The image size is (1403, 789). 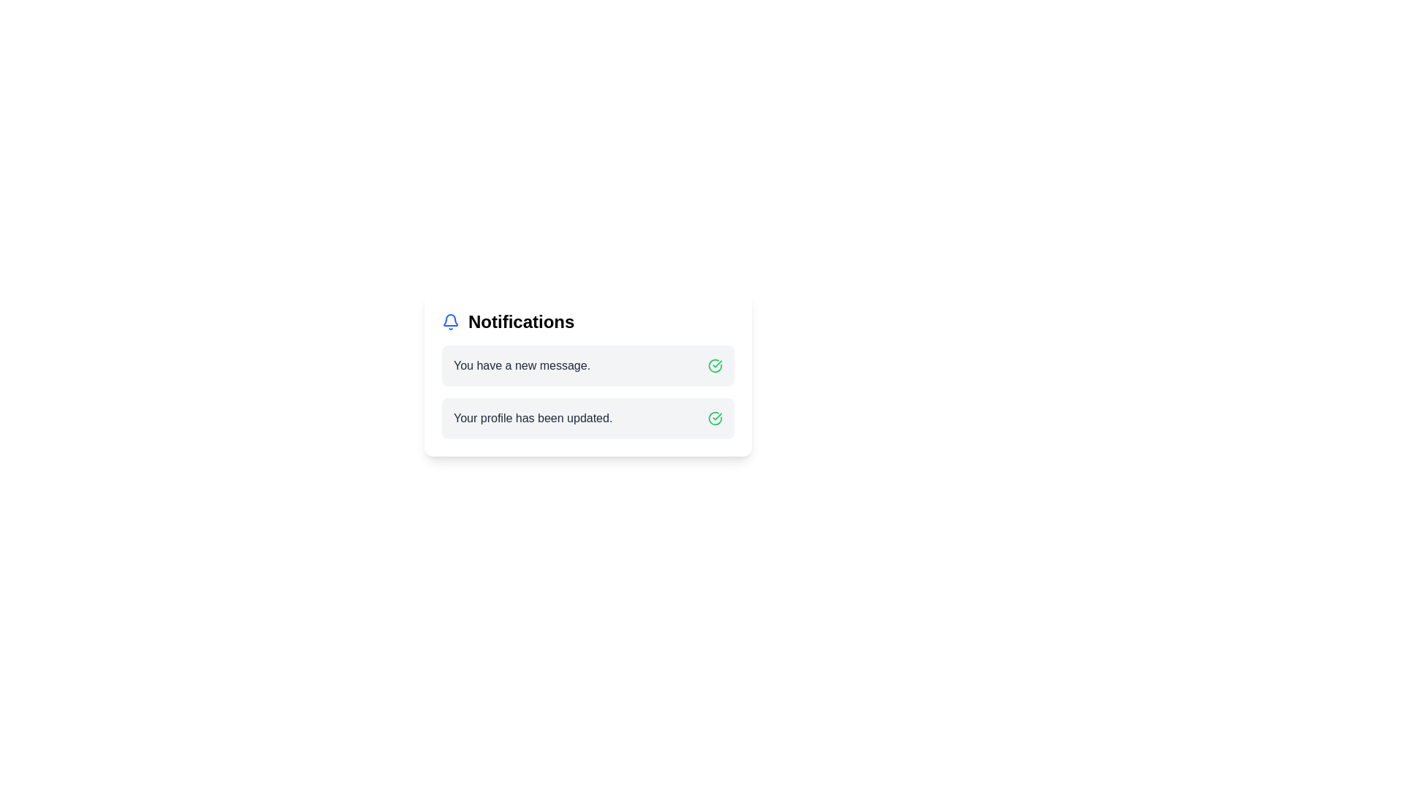 I want to click on the confirmation icon button located on the far-right side of the notification titled 'Your profile has been updated.' to acknowledge the notification, so click(x=715, y=419).